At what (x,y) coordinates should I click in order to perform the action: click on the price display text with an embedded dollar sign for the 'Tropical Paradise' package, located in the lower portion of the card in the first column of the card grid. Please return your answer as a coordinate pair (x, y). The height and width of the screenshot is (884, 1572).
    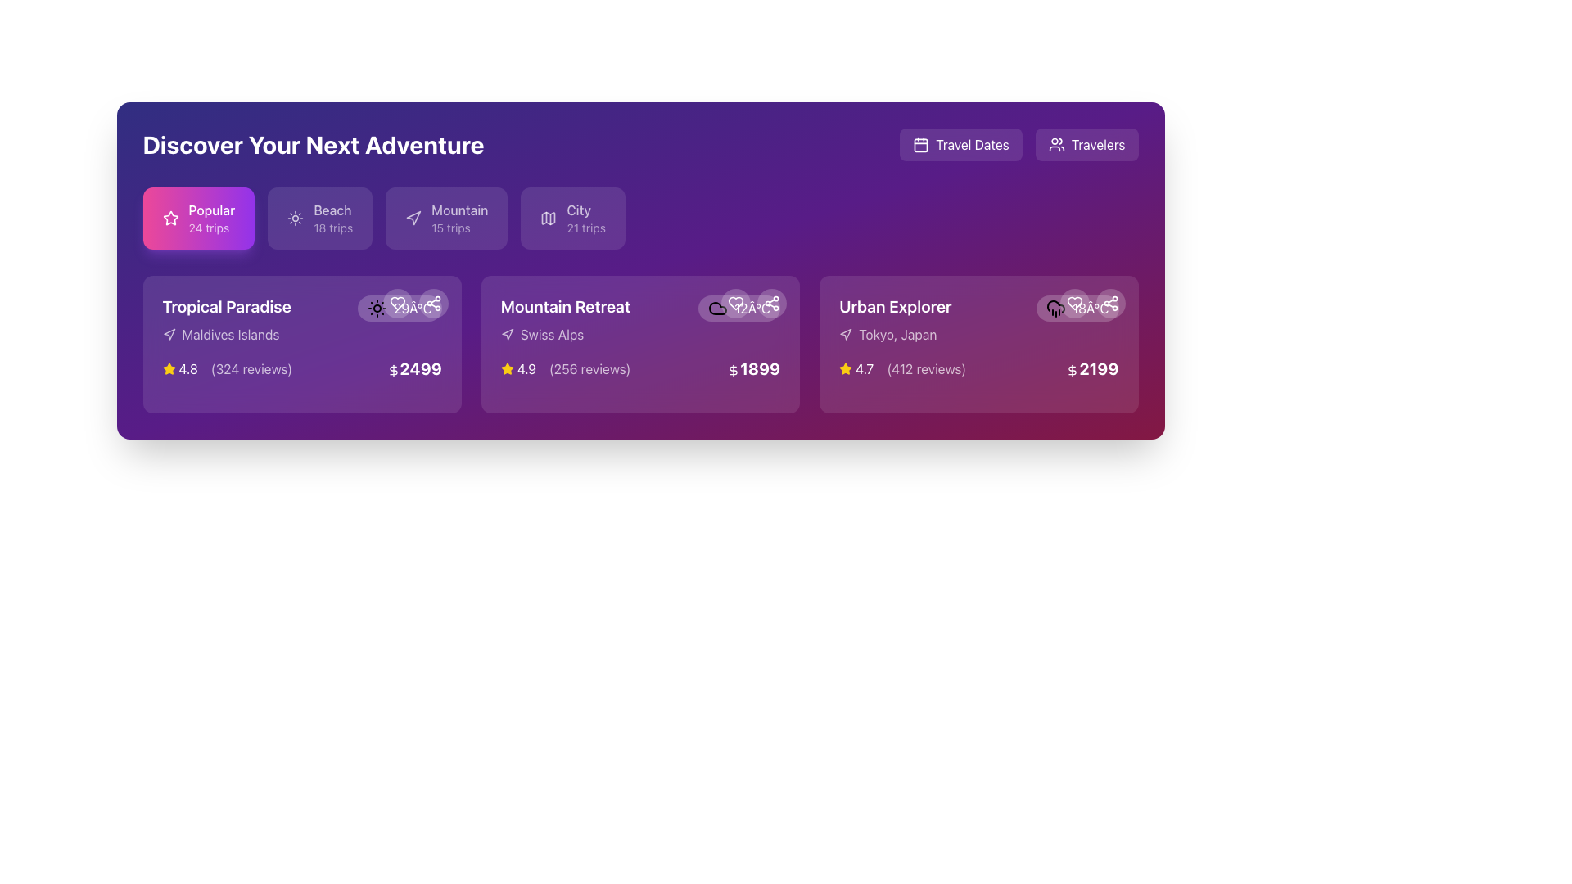
    Looking at the image, I should click on (414, 369).